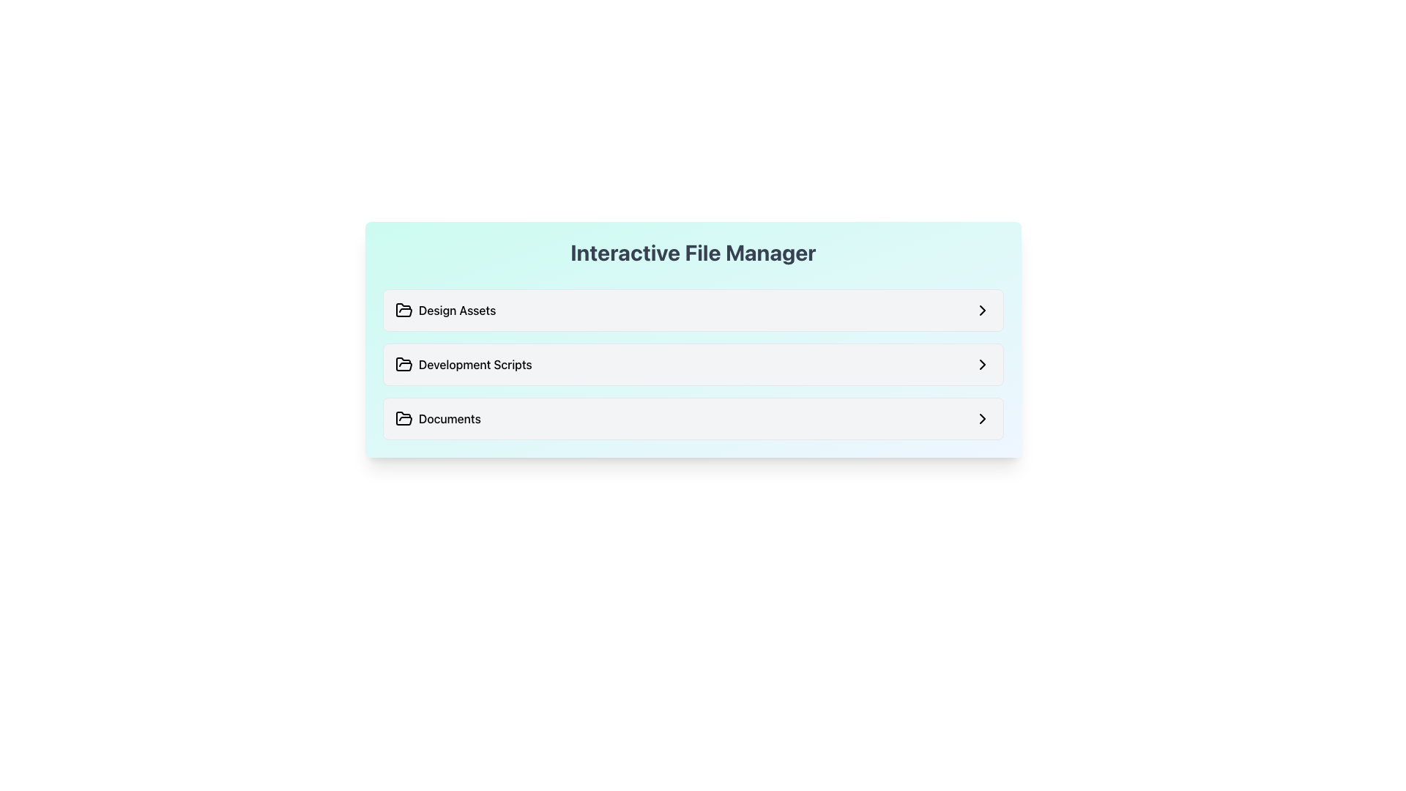 The height and width of the screenshot is (791, 1406). What do you see at coordinates (445, 310) in the screenshot?
I see `the 'Design Assets' text with the open folder icon, which is the first item in a vertically arranged list` at bounding box center [445, 310].